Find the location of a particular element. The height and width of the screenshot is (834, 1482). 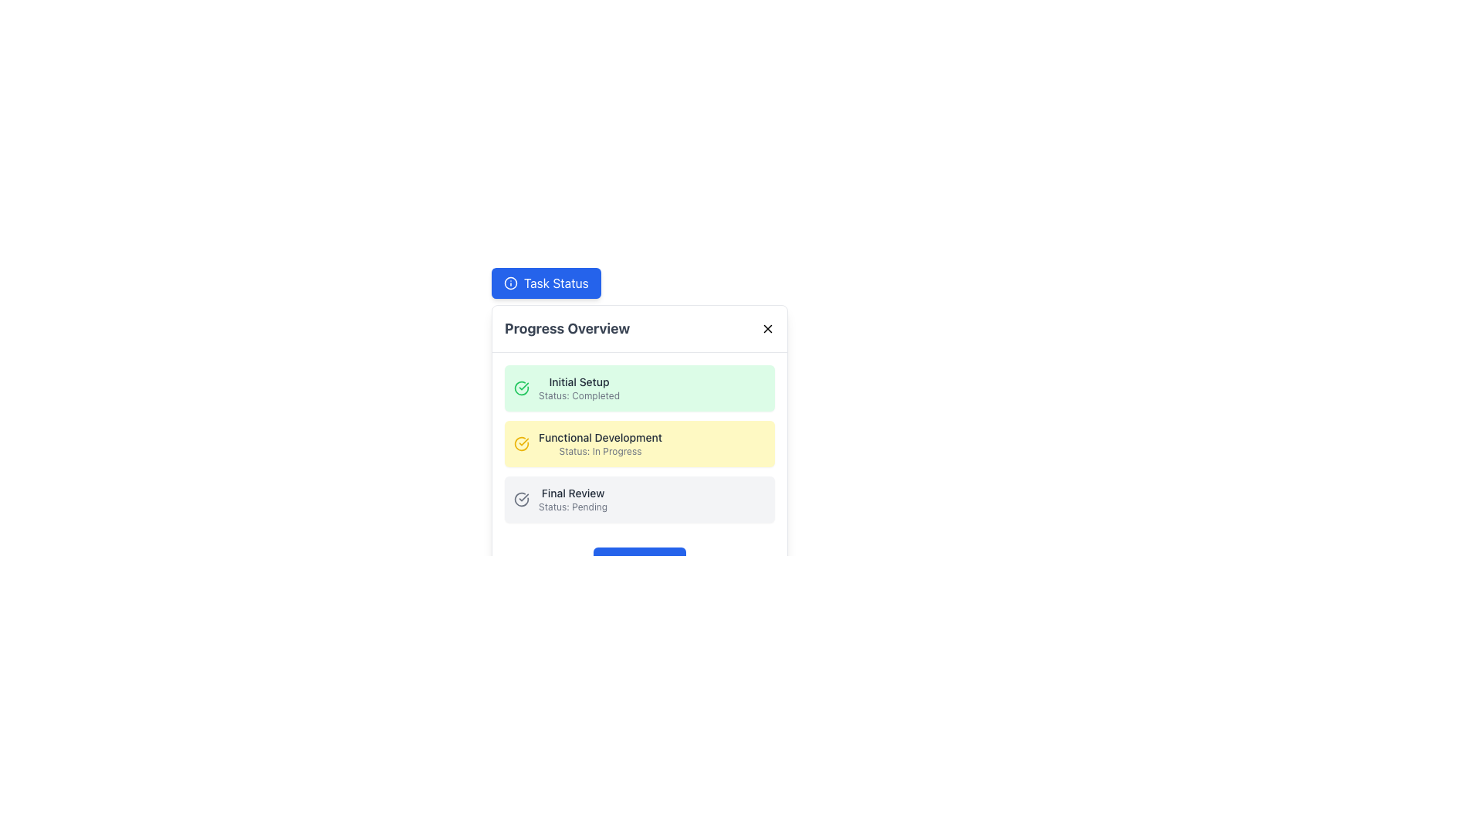

the Text label that identifies the corresponding task or stage within the progress tracker, which is positioned above the status description 'Status: Pending' in the 'Progress Overview' section is located at coordinates (572, 493).